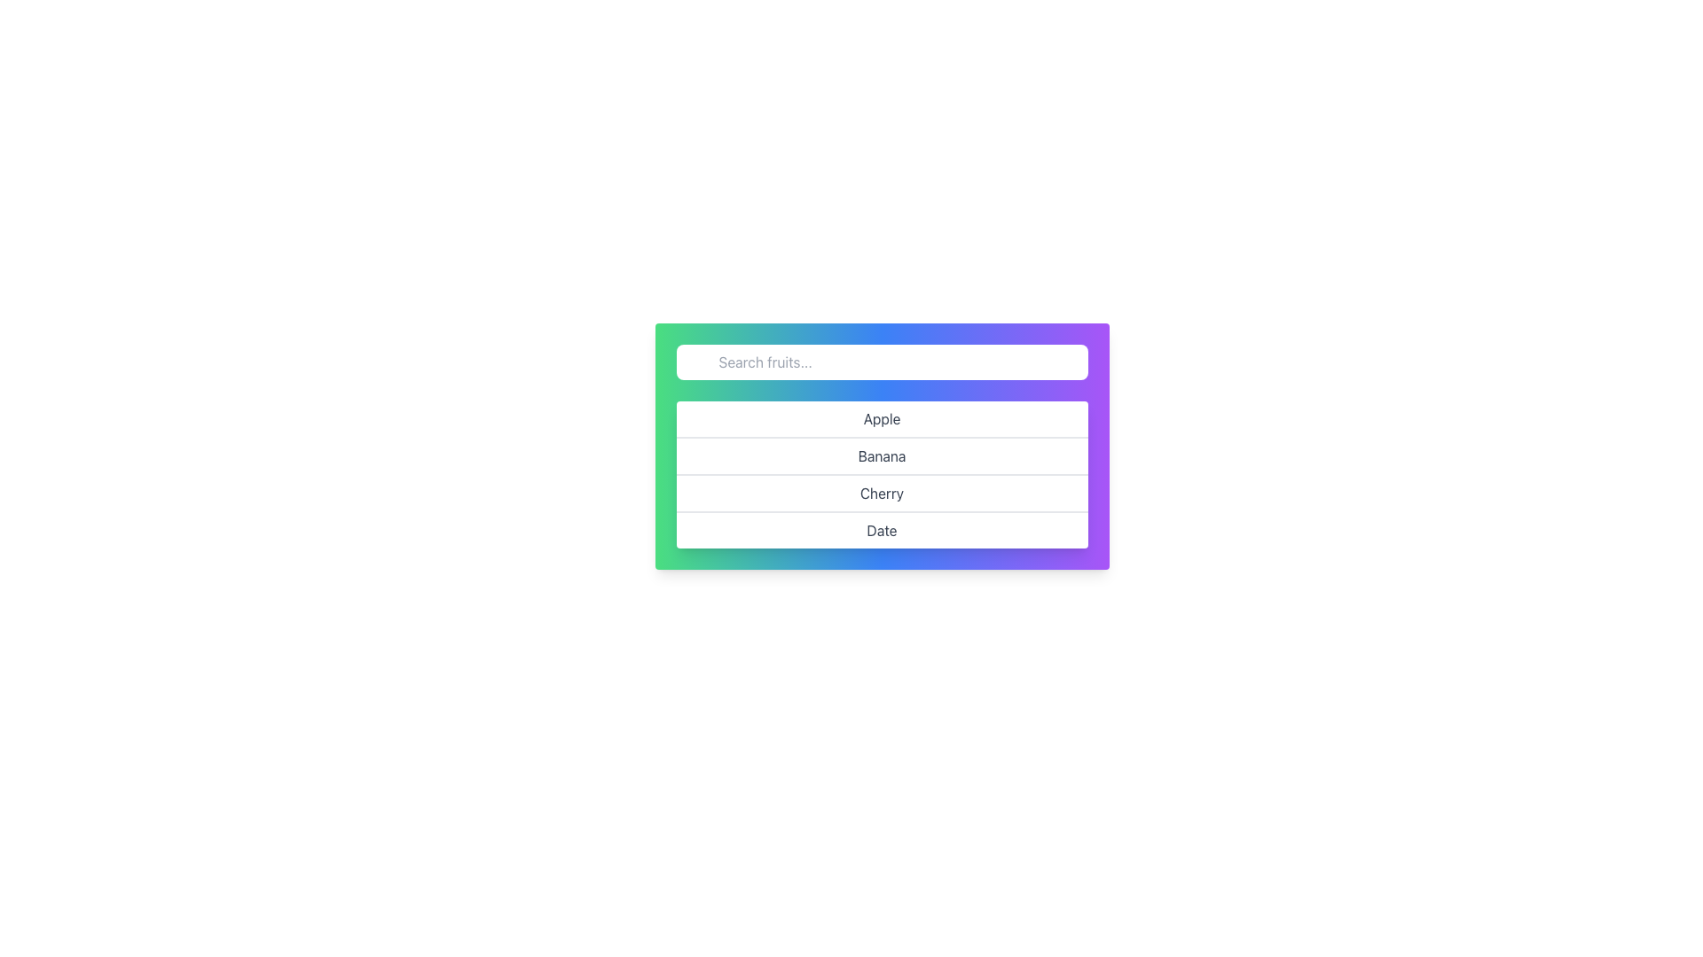 The width and height of the screenshot is (1703, 957). Describe the element at coordinates (882, 454) in the screenshot. I see `the text-based interactive list item displaying 'Banana'` at that location.